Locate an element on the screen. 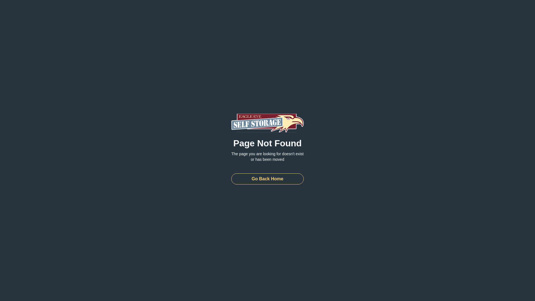  'Go Back Home' is located at coordinates (267, 179).